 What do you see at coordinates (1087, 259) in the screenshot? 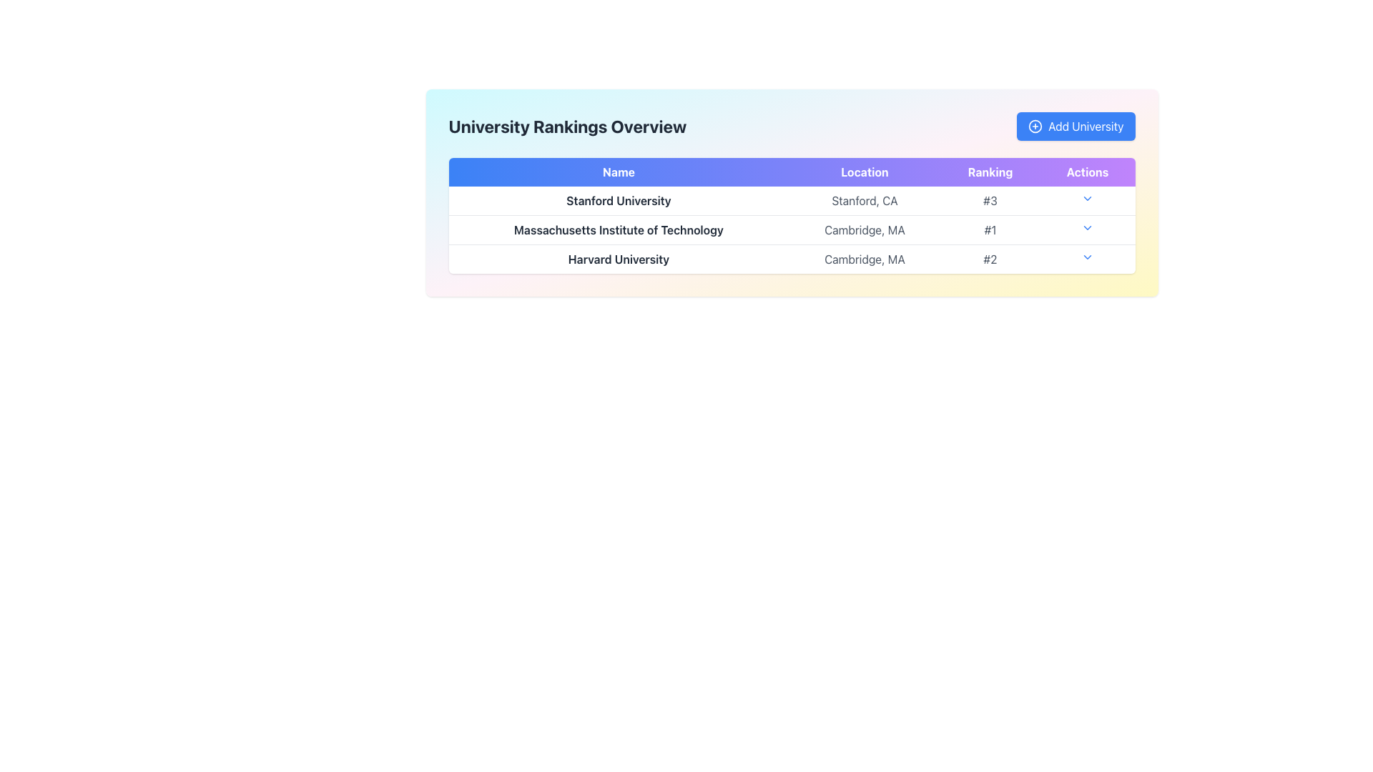
I see `the Dropdown Toggle Icon for the 'Harvard University' row` at bounding box center [1087, 259].